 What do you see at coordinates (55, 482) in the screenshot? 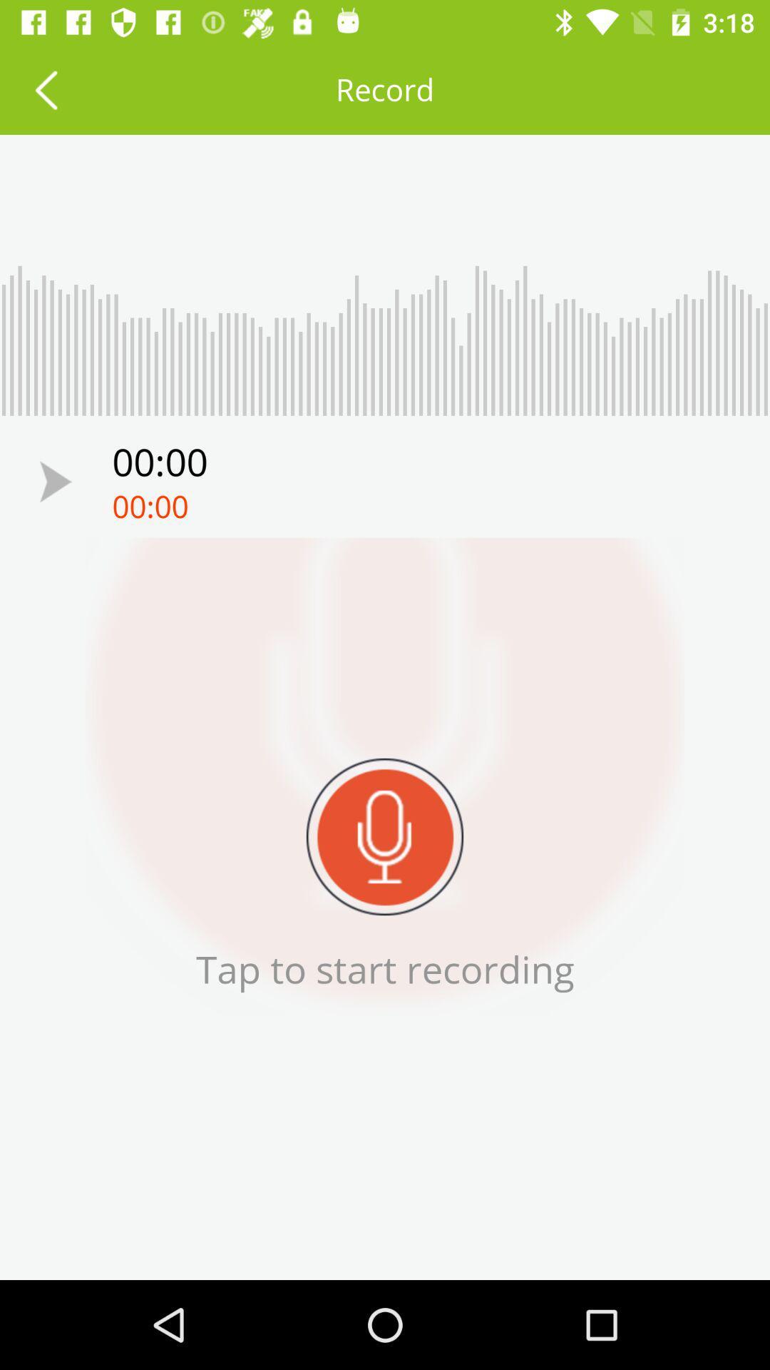
I see `button` at bounding box center [55, 482].